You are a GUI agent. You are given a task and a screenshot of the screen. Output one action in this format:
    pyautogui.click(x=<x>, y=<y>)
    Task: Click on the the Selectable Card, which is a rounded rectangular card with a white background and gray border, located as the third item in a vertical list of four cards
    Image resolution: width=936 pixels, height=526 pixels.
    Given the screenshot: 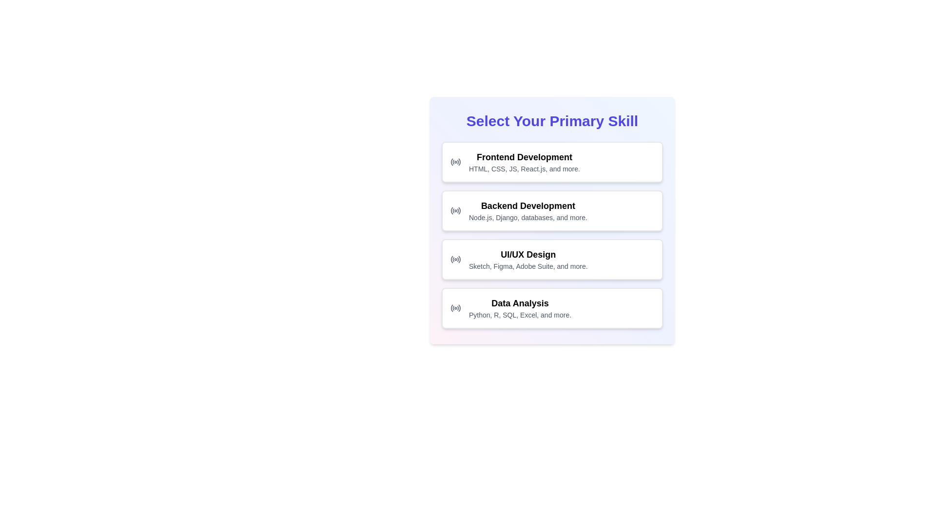 What is the action you would take?
    pyautogui.click(x=552, y=259)
    